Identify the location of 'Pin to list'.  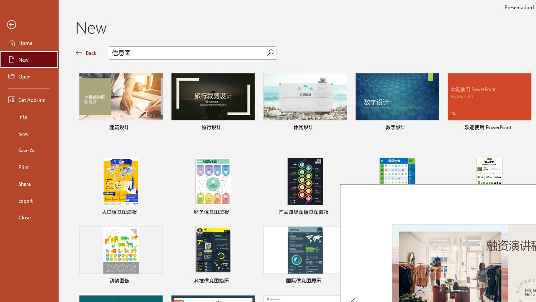
(525, 282).